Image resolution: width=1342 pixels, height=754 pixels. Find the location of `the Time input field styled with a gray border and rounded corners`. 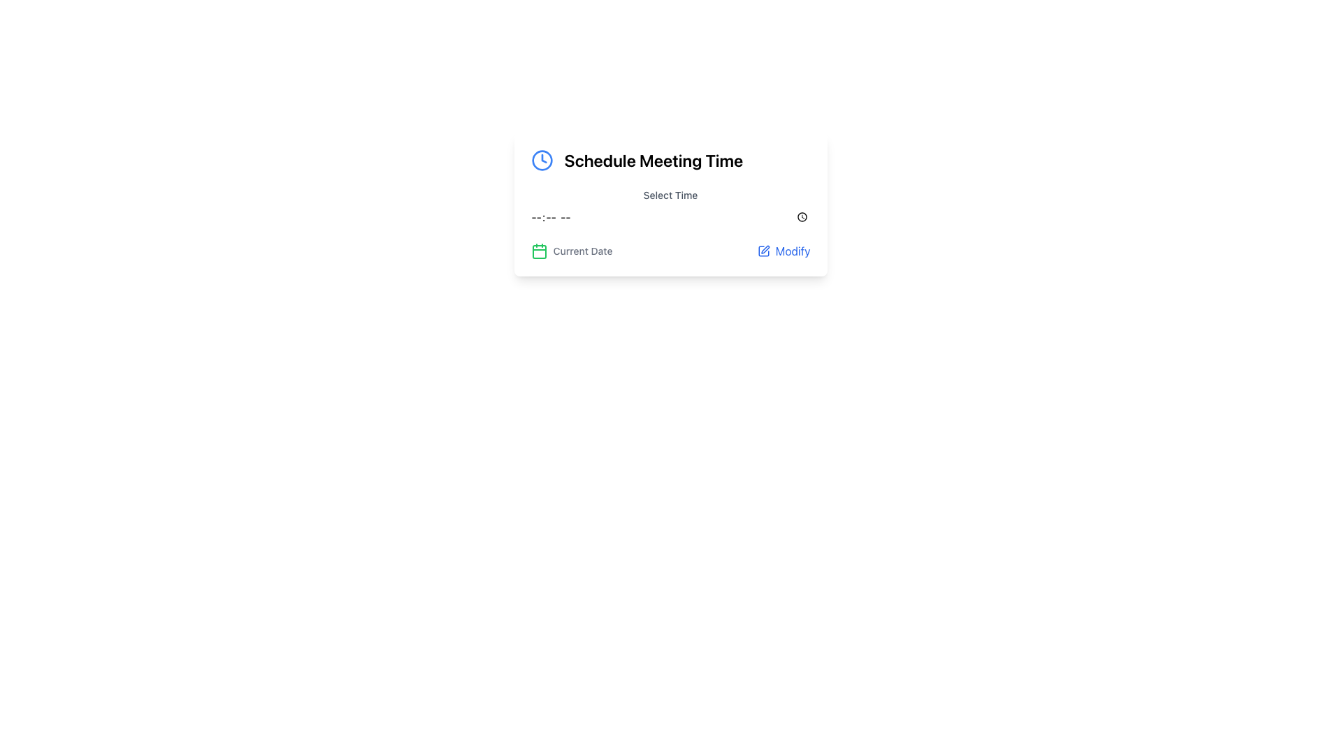

the Time input field styled with a gray border and rounded corners is located at coordinates (670, 217).